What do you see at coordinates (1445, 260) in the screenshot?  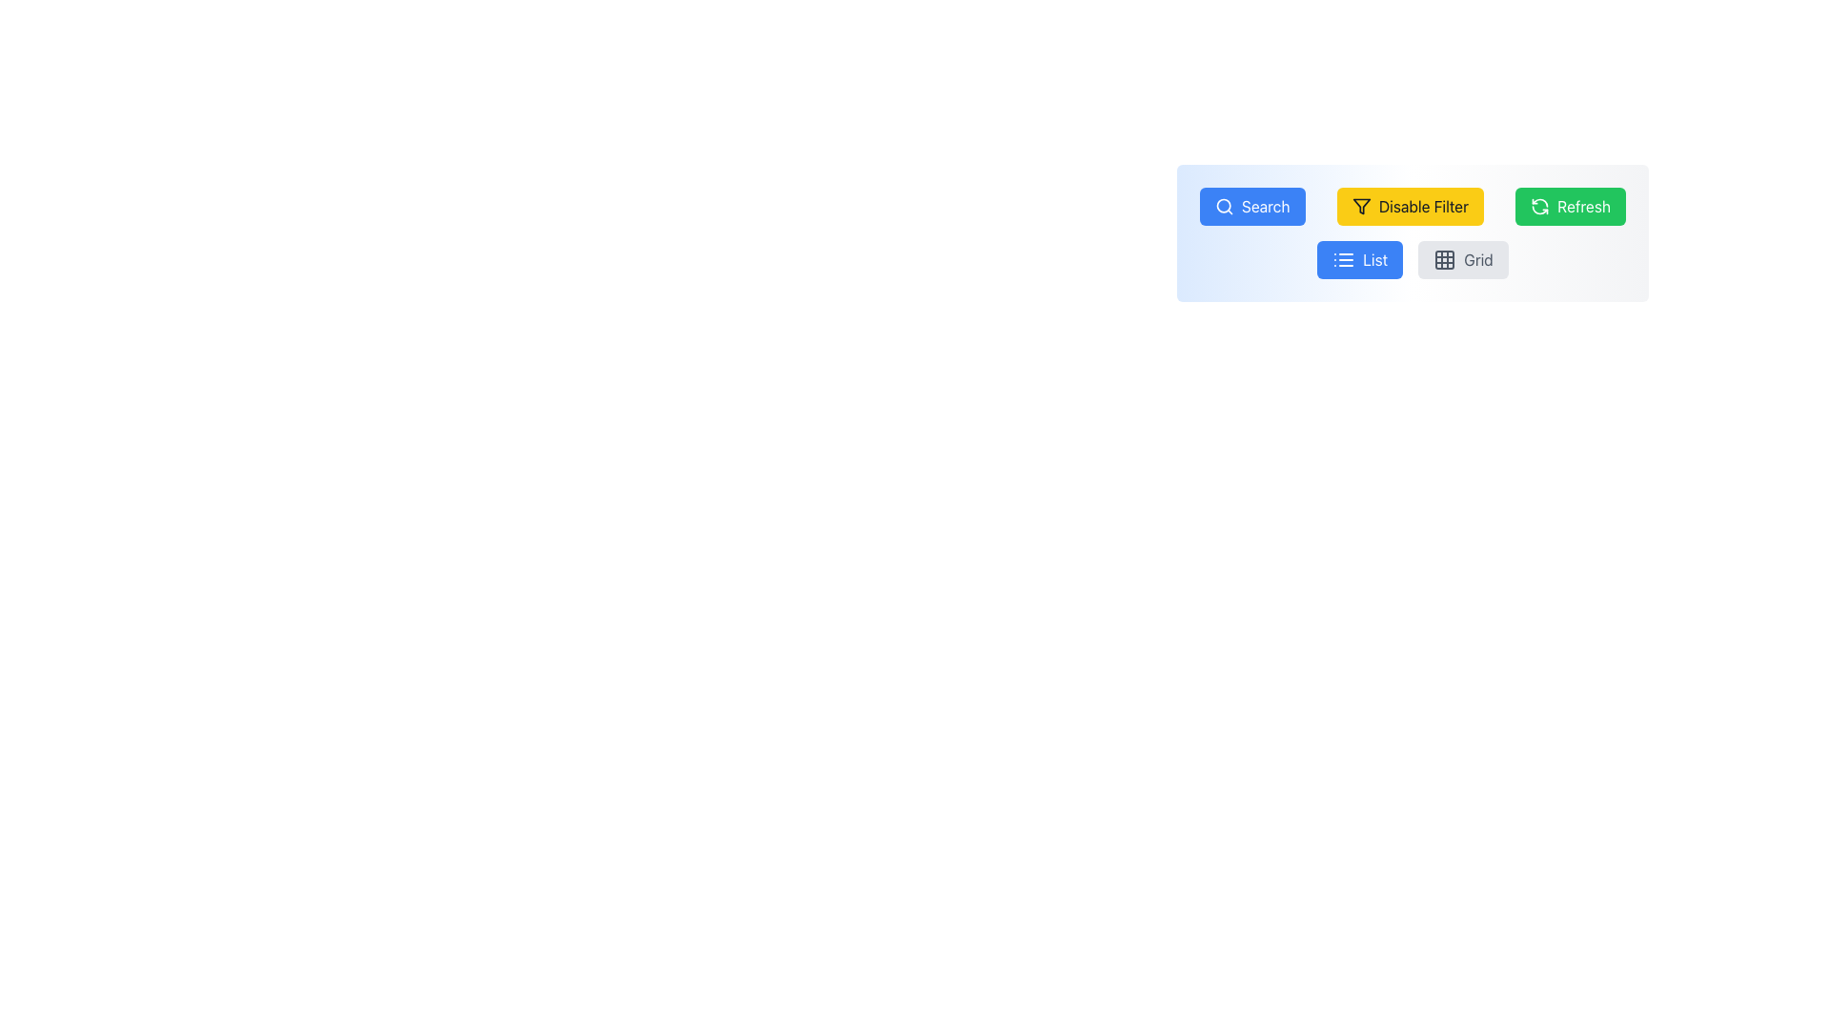 I see `the rectangular region within the grid icon in the toolbar, which is styled uniformly with rounded corners and is centrally located within the grid structure` at bounding box center [1445, 260].